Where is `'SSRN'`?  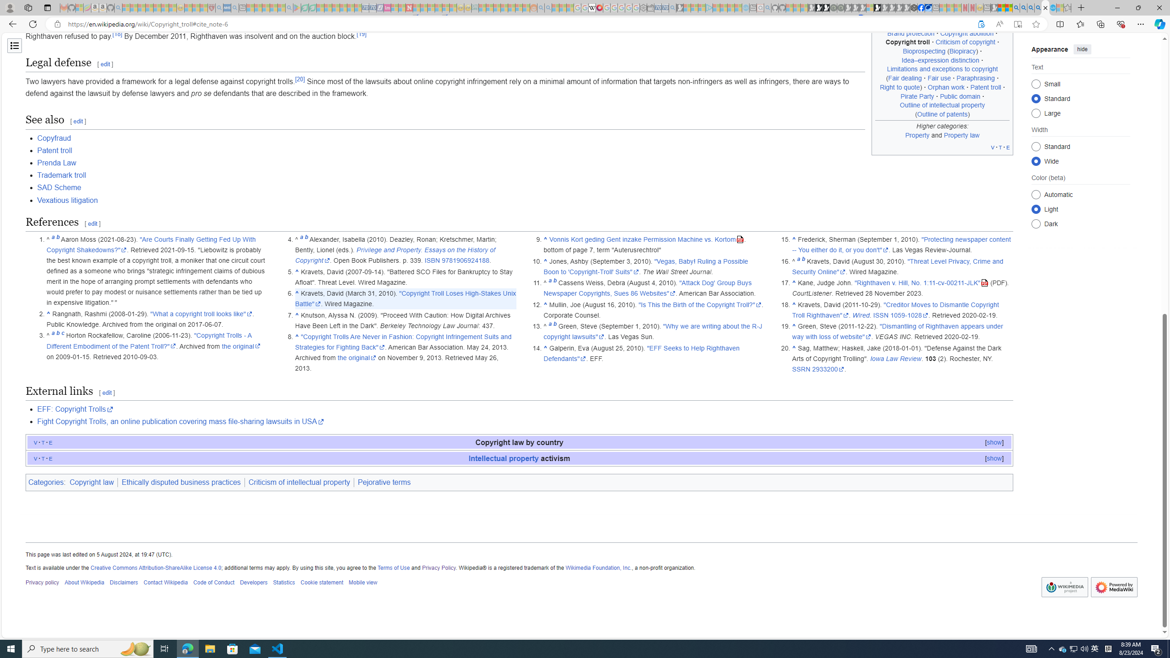 'SSRN' is located at coordinates (801, 369).